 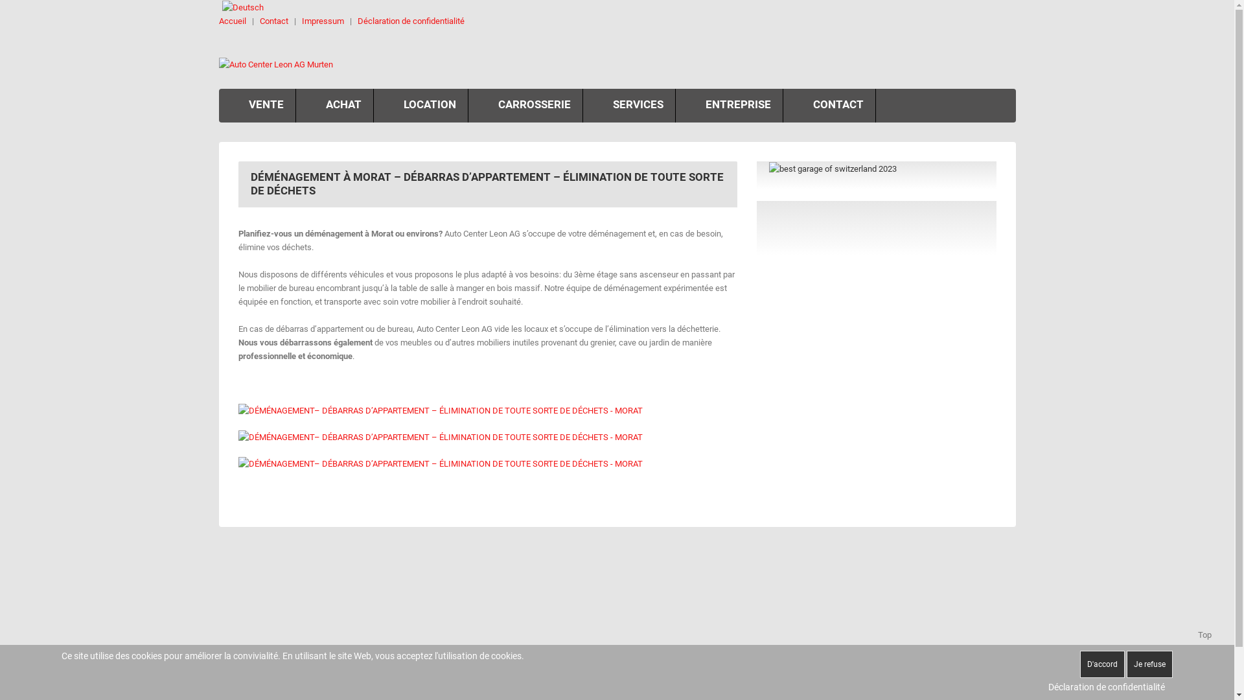 I want to click on 'VENTE', so click(x=257, y=104).